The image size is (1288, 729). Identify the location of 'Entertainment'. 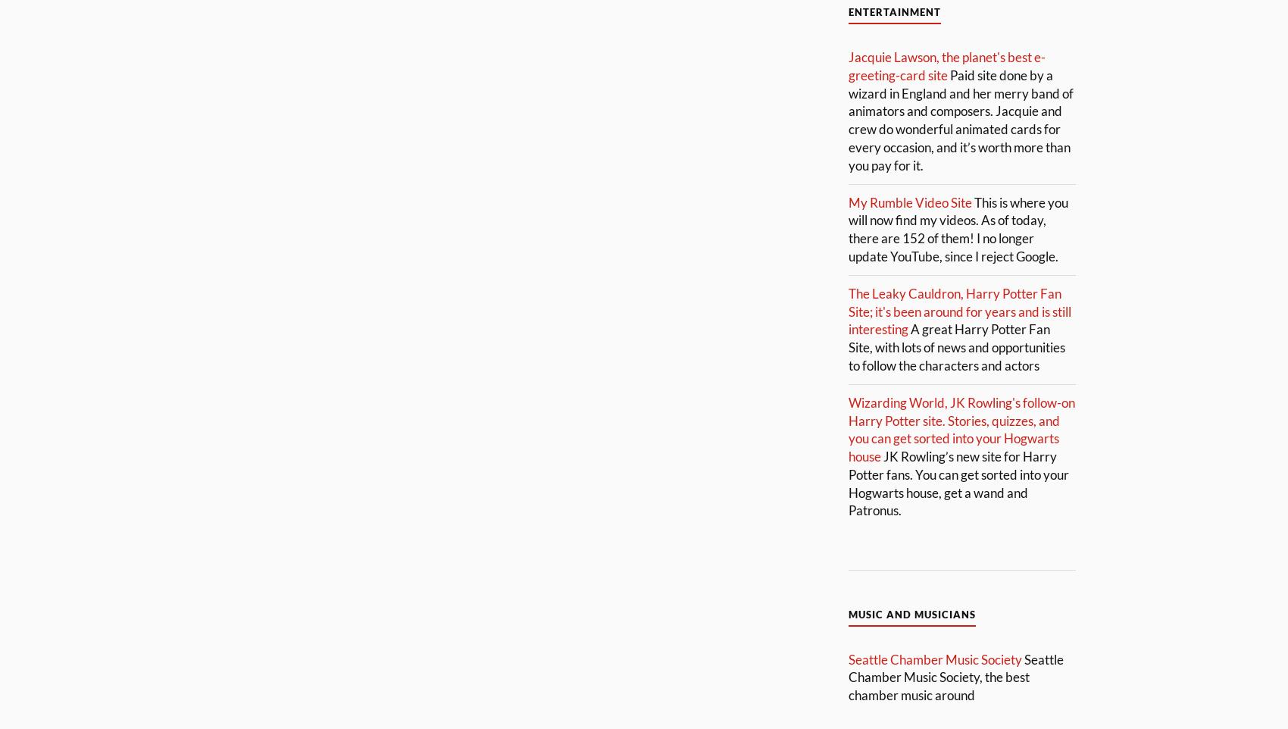
(893, 11).